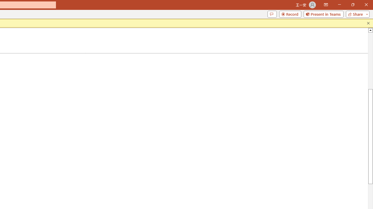 Image resolution: width=373 pixels, height=209 pixels. I want to click on 'Close', so click(366, 5).